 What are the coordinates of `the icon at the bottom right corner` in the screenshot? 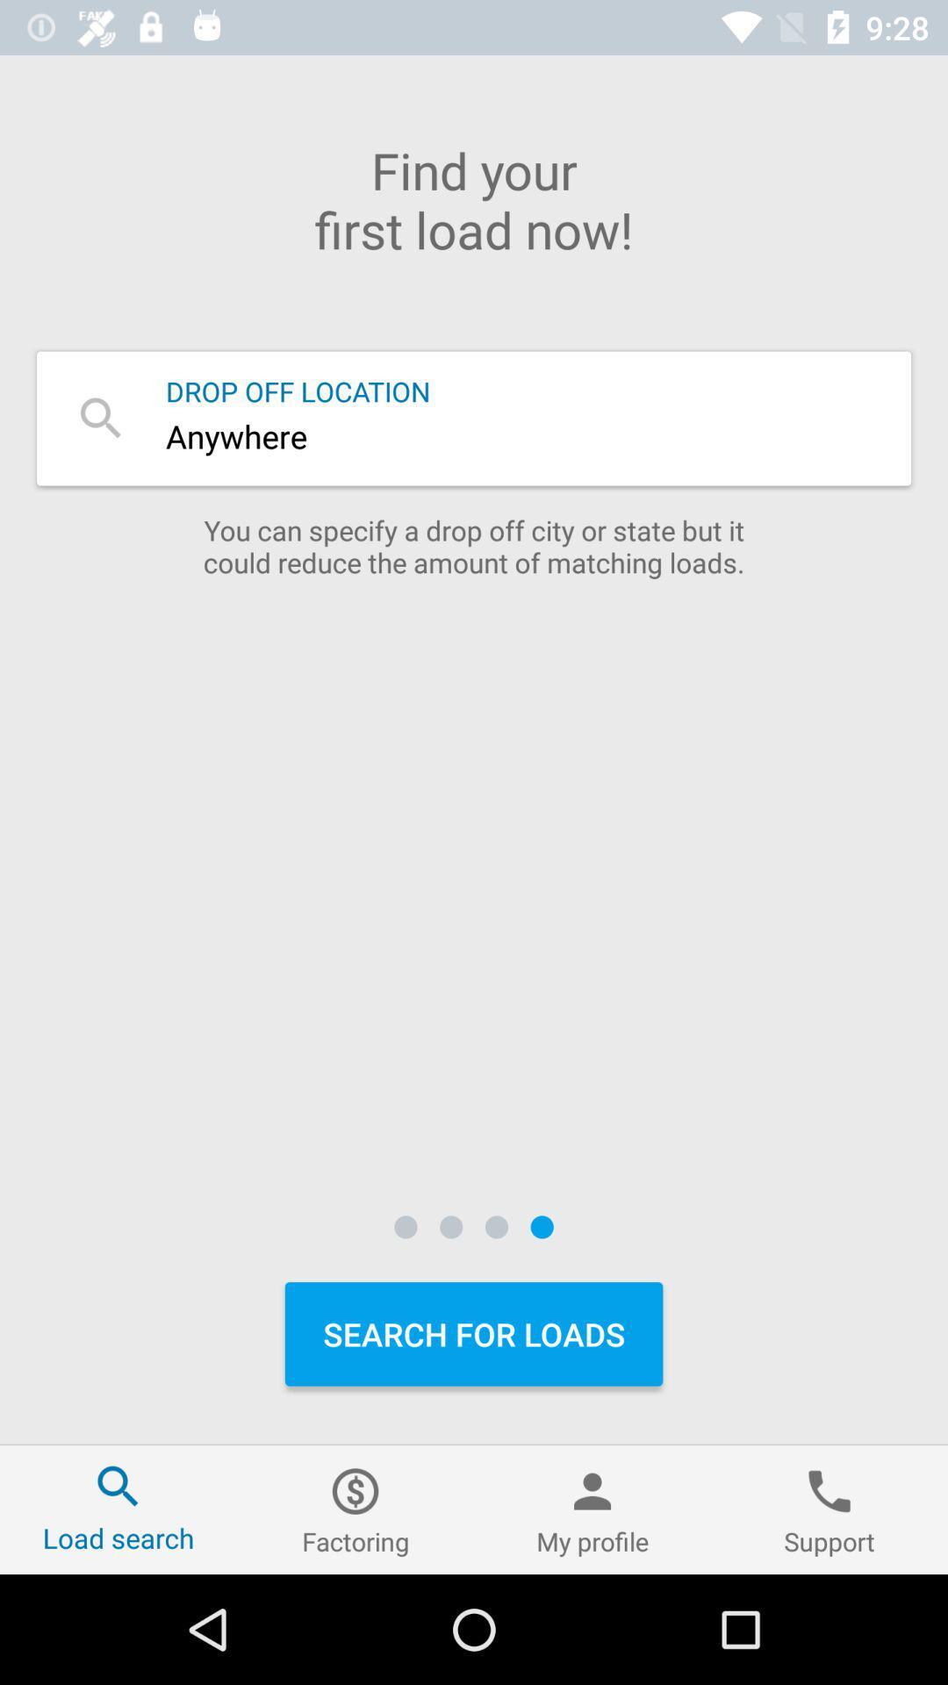 It's located at (829, 1509).